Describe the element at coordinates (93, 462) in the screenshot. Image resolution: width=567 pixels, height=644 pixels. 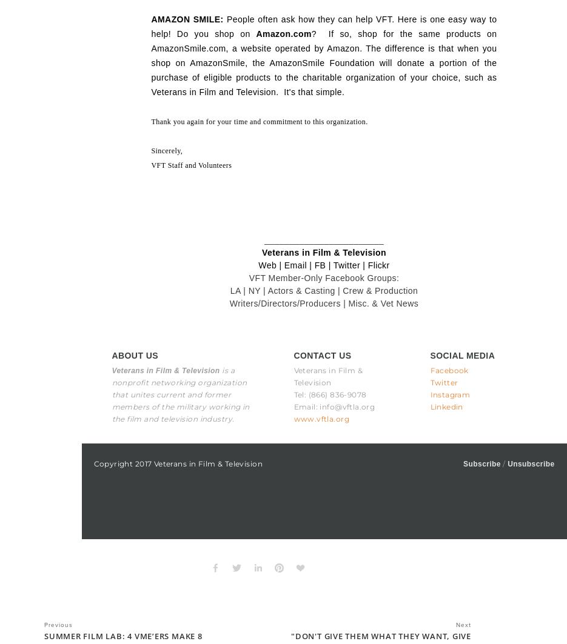
I see `'Copyright 2017 Veterans in Film & Television'` at that location.